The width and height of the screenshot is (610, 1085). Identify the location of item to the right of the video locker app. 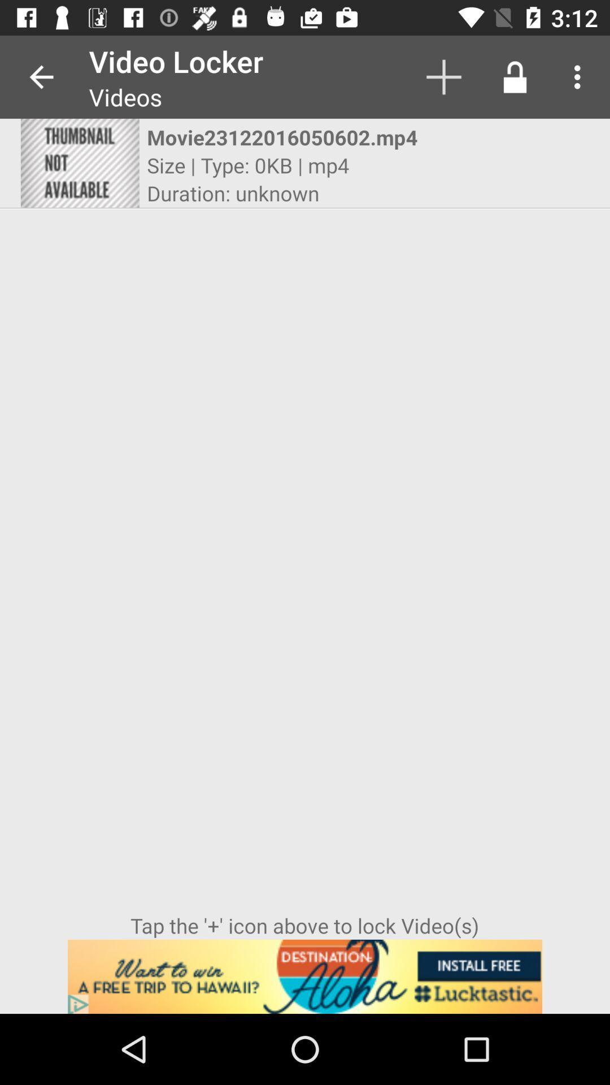
(443, 76).